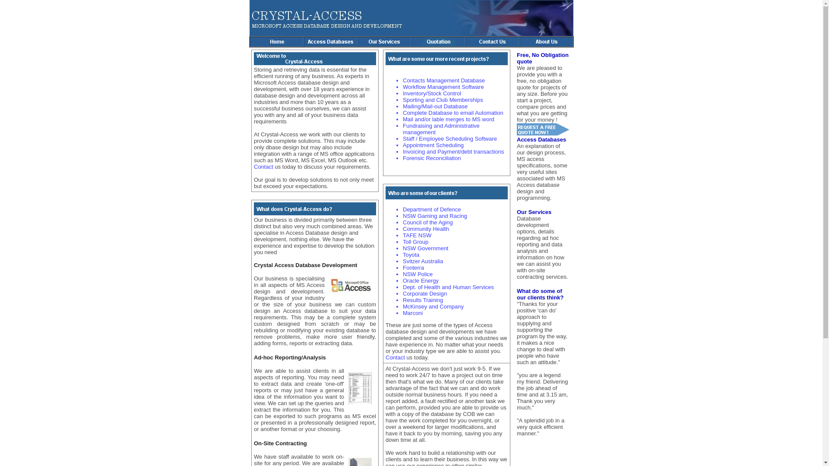 The image size is (829, 466). I want to click on 'Contact', so click(263, 167).